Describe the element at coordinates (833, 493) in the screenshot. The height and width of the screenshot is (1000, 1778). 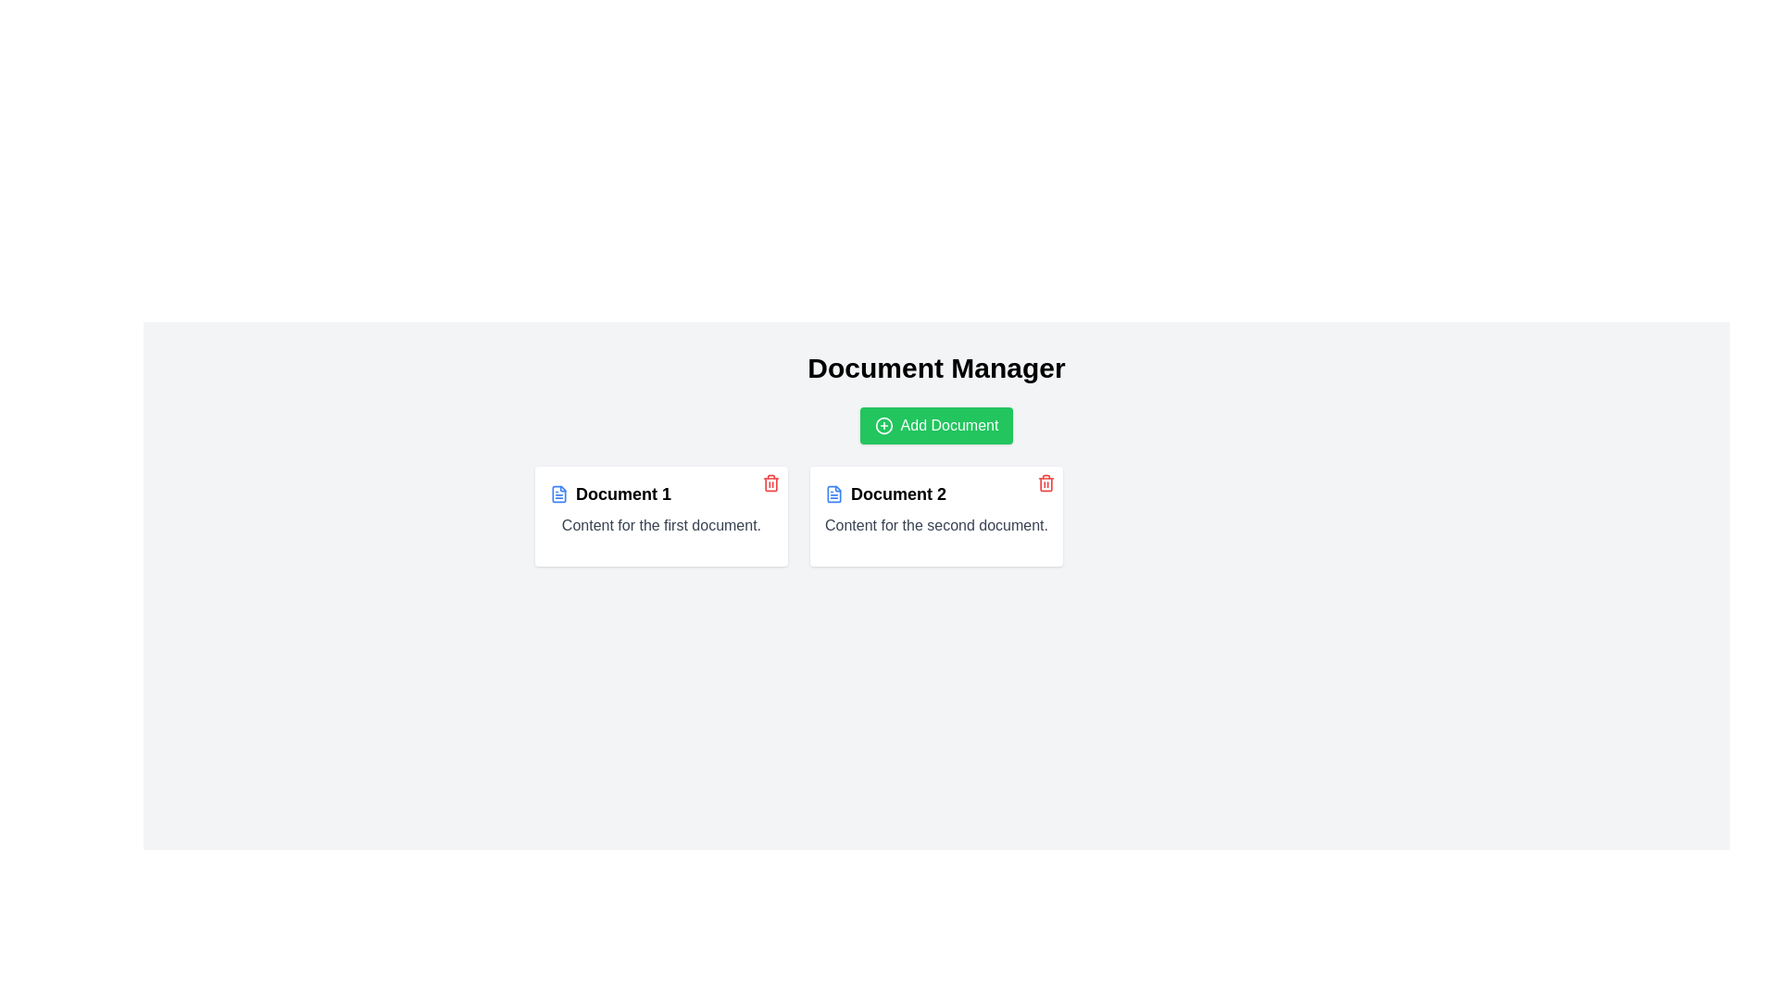
I see `the small blue file icon located inside the 'Document 2' item, specifically at its leftmost side, adjacent to the text 'Document 2'` at that location.